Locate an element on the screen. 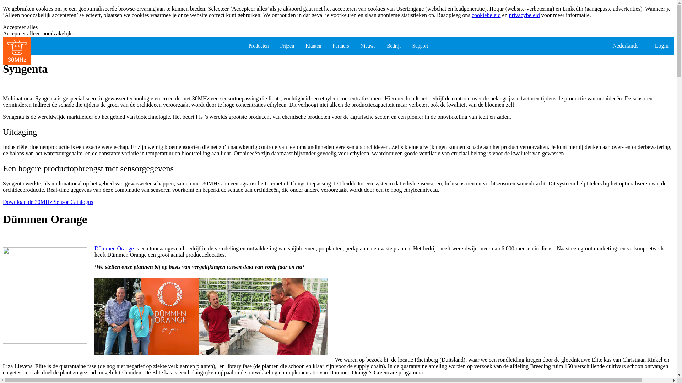 This screenshot has height=383, width=682. 'Partners' is located at coordinates (329, 46).